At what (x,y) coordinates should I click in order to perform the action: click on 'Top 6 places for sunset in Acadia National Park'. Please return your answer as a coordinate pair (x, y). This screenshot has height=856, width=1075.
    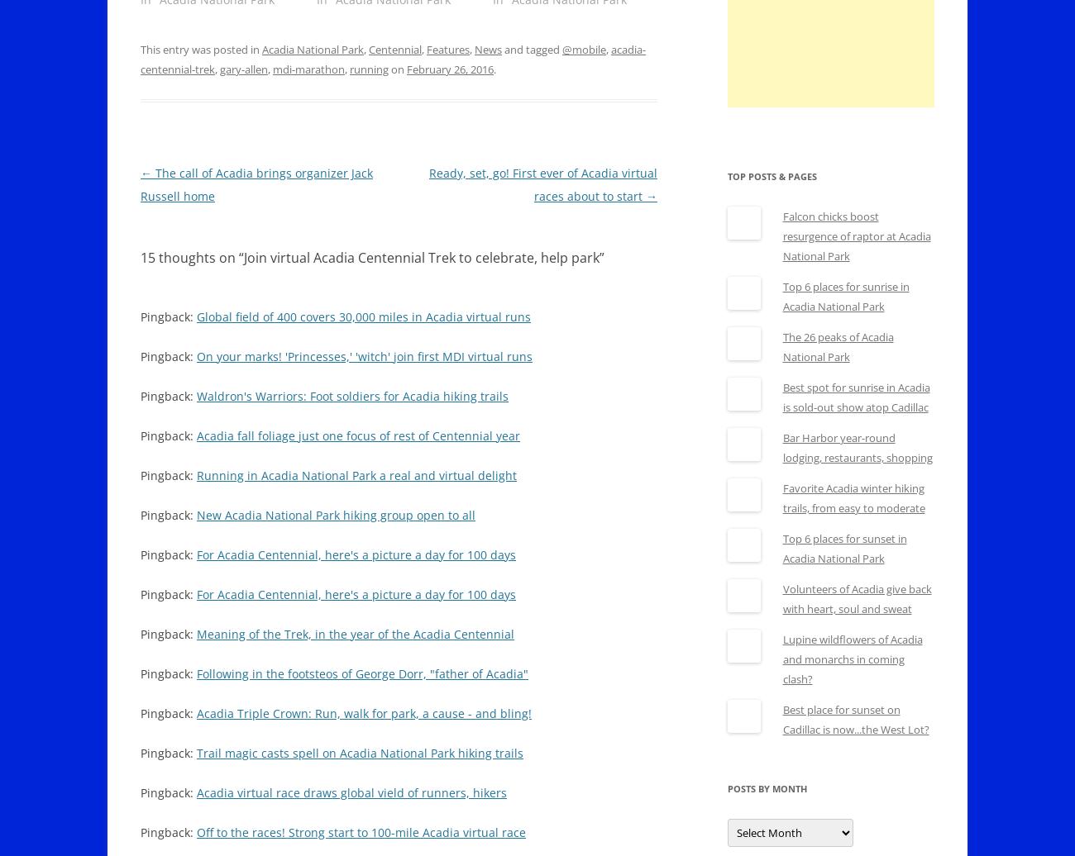
    Looking at the image, I should click on (843, 548).